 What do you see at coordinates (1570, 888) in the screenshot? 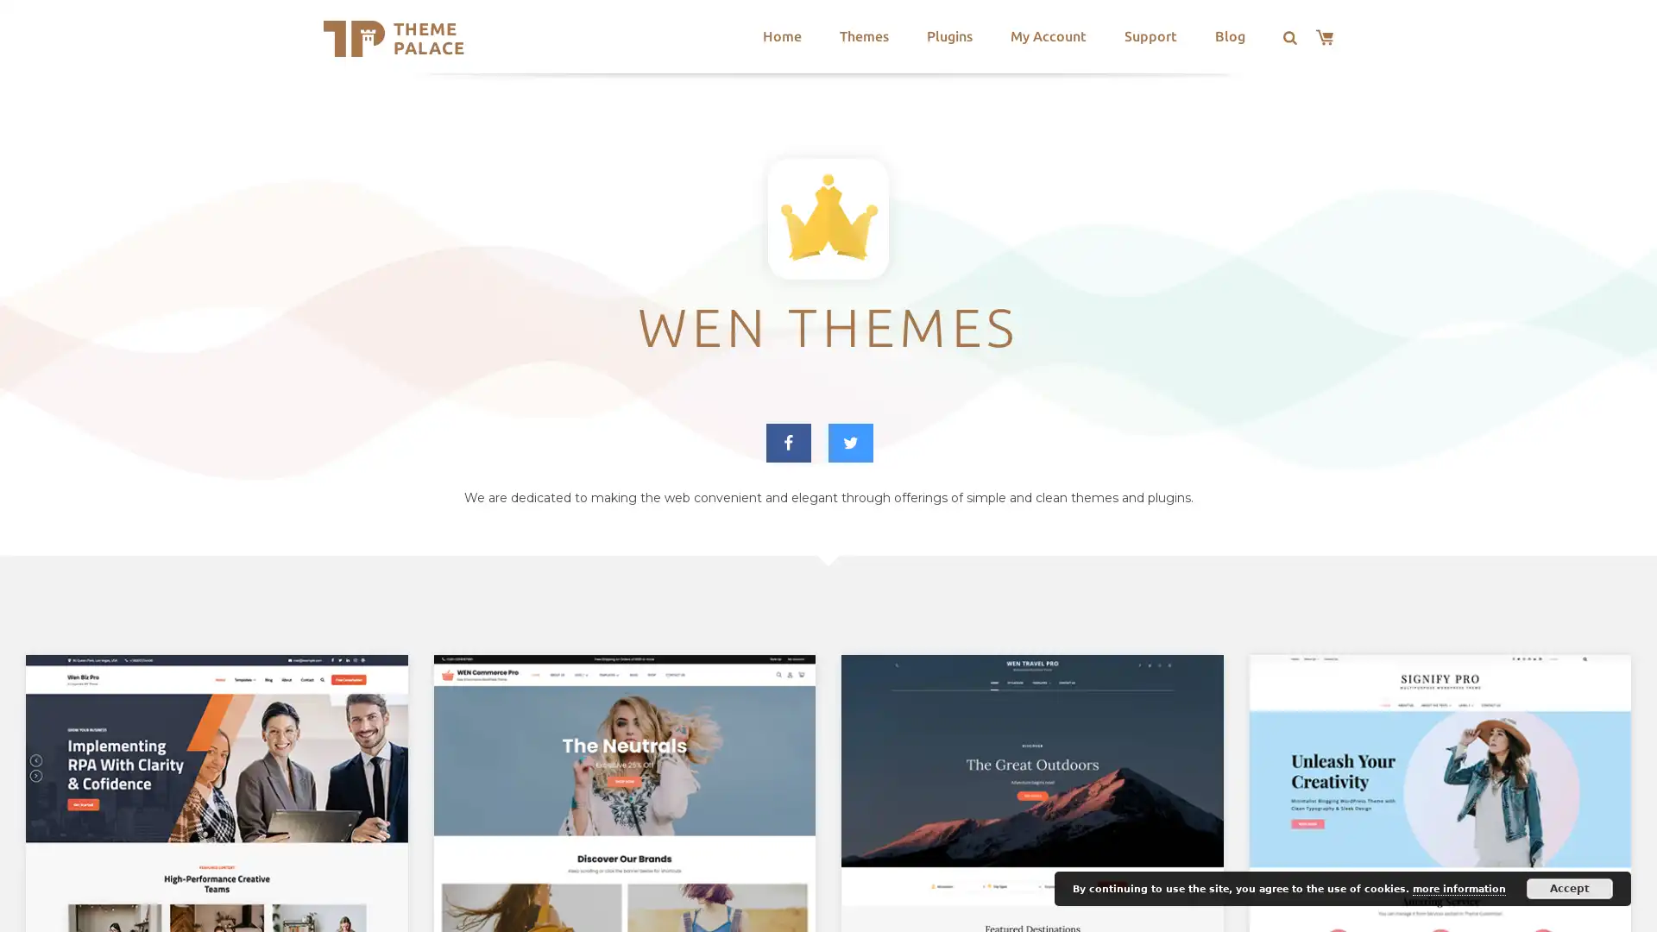
I see `Accept` at bounding box center [1570, 888].